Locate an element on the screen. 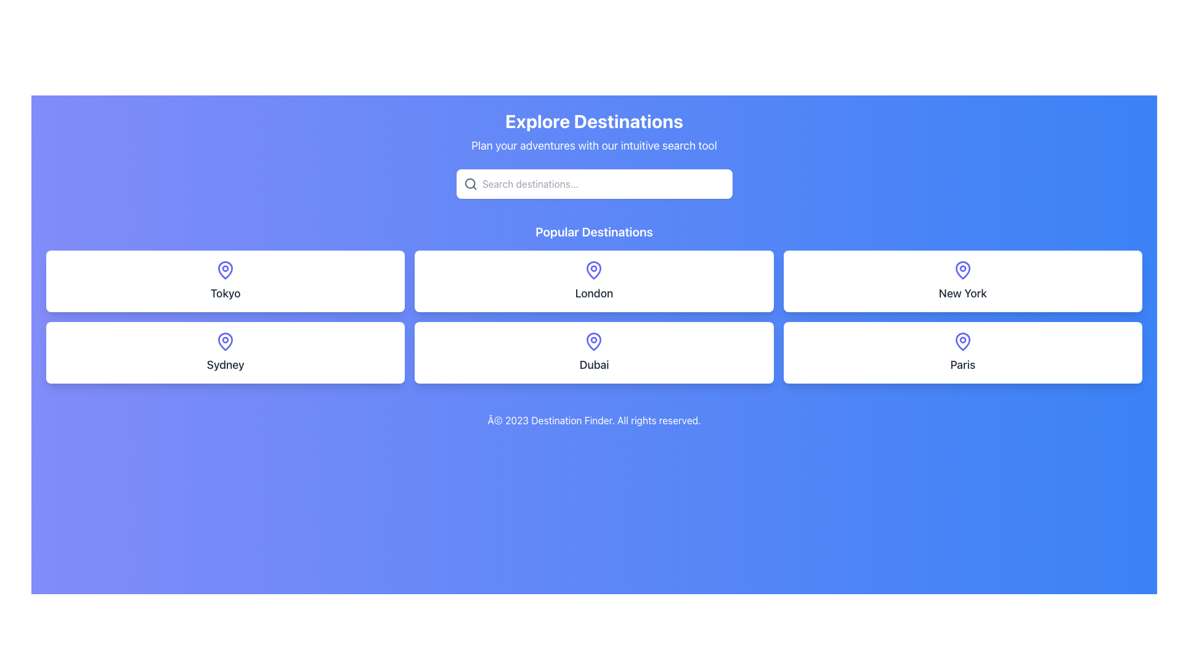  the magnifying glass icon located on the left side of the search bar, which is positioned below the 'Explore Destinations' header is located at coordinates (470, 184).